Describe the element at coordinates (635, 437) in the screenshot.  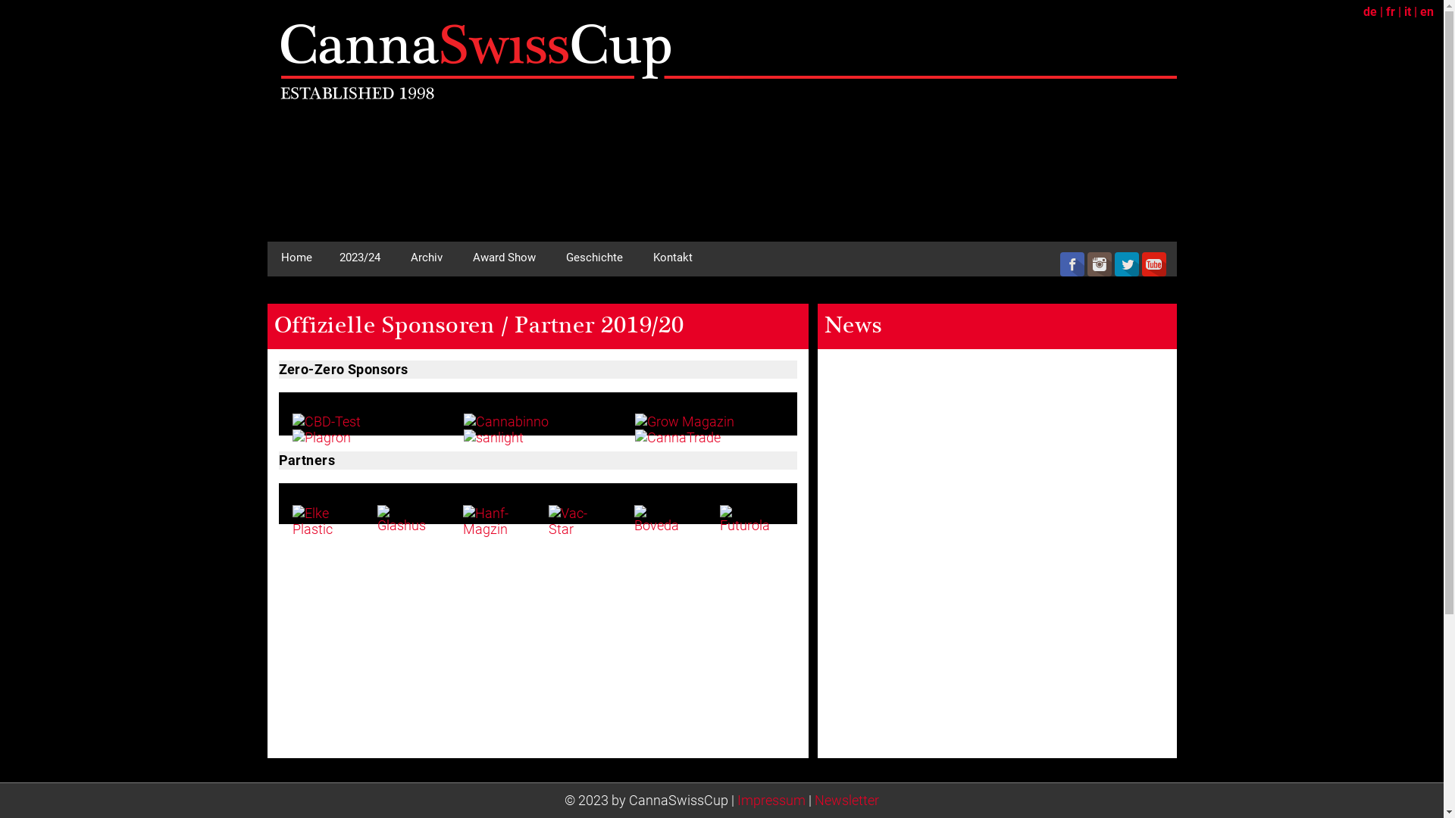
I see `'CannaTrade'` at that location.